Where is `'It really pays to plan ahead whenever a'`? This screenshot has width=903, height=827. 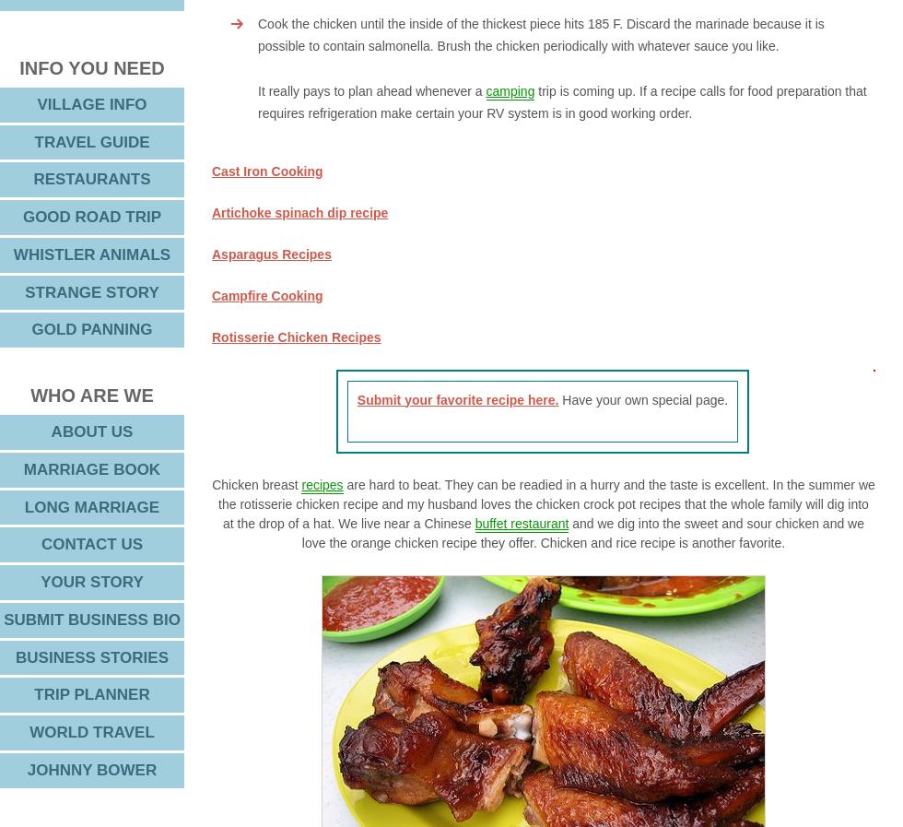 'It really pays to plan ahead whenever a' is located at coordinates (371, 89).